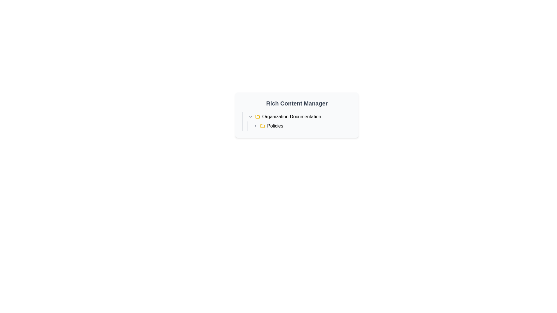 The image size is (557, 313). Describe the element at coordinates (257, 117) in the screenshot. I see `the yellow folder icon located to the left of the text 'Organization Documentation'` at that location.